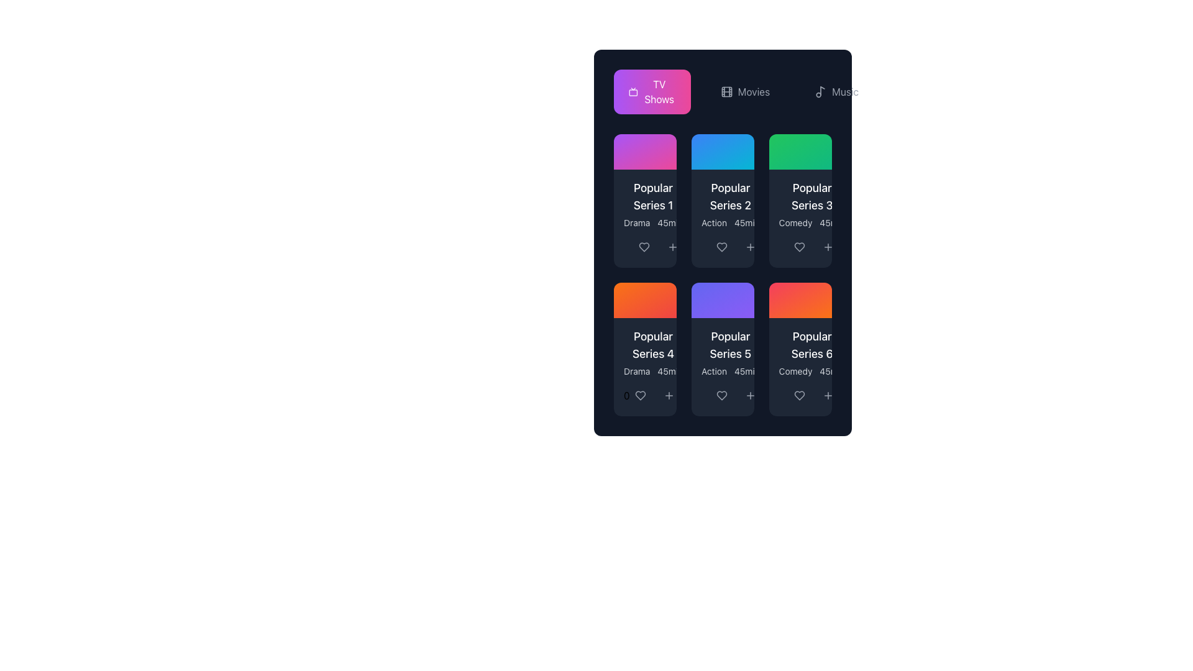 The height and width of the screenshot is (671, 1193). What do you see at coordinates (672, 247) in the screenshot?
I see `the second button in the horizontal group of three buttons below the 'Popular Series 1' card to change its color` at bounding box center [672, 247].